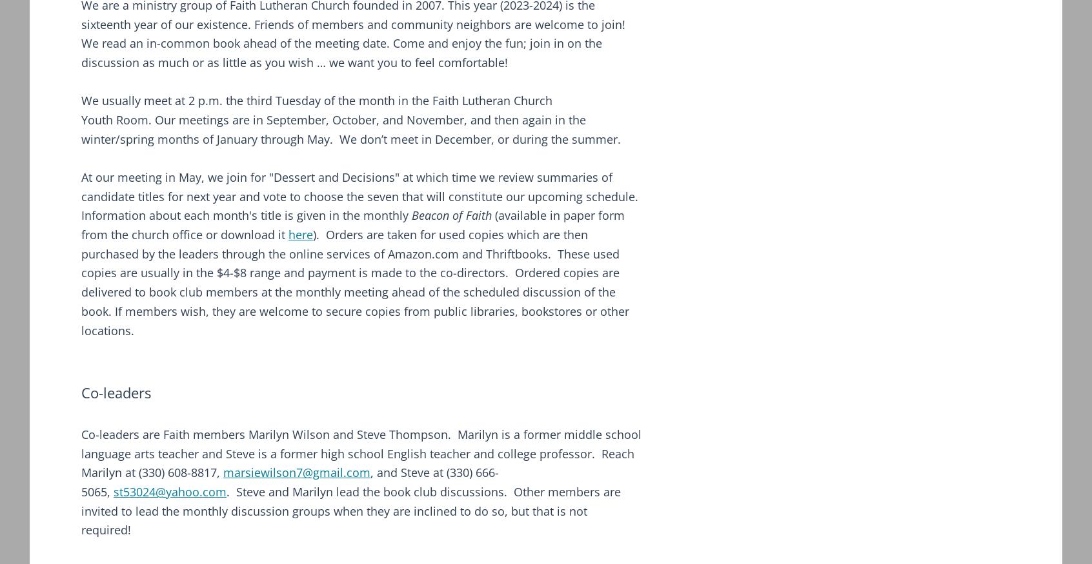  What do you see at coordinates (359, 195) in the screenshot?
I see `'At our meeting in May, we join for "Dessert and Decisions" at which time we review summaries of candidate titles for next year and vote to choose the seven that will constitute our upcoming schedule. Information about each month's title is given in the monthly'` at bounding box center [359, 195].